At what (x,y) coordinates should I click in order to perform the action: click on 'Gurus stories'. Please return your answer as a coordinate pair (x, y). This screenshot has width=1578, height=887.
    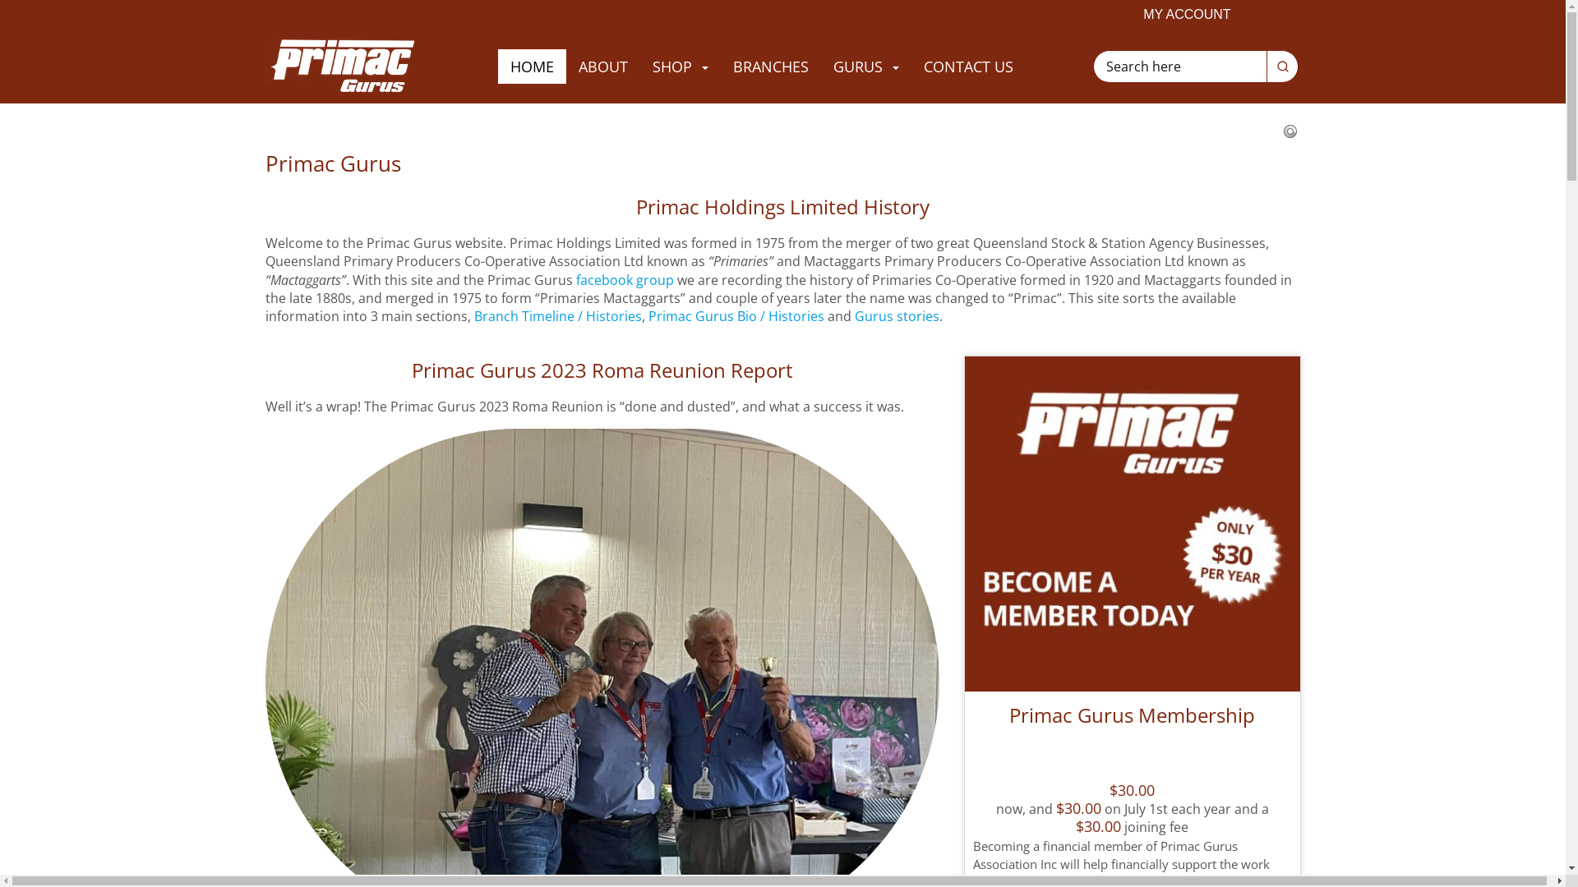
    Looking at the image, I should click on (896, 316).